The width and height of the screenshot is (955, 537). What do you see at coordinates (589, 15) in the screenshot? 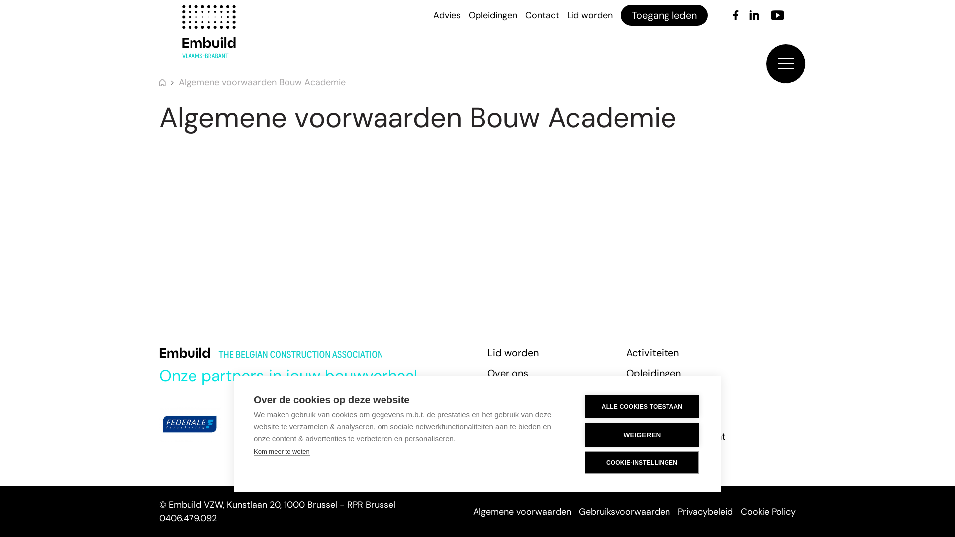
I see `'Lid worden'` at bounding box center [589, 15].